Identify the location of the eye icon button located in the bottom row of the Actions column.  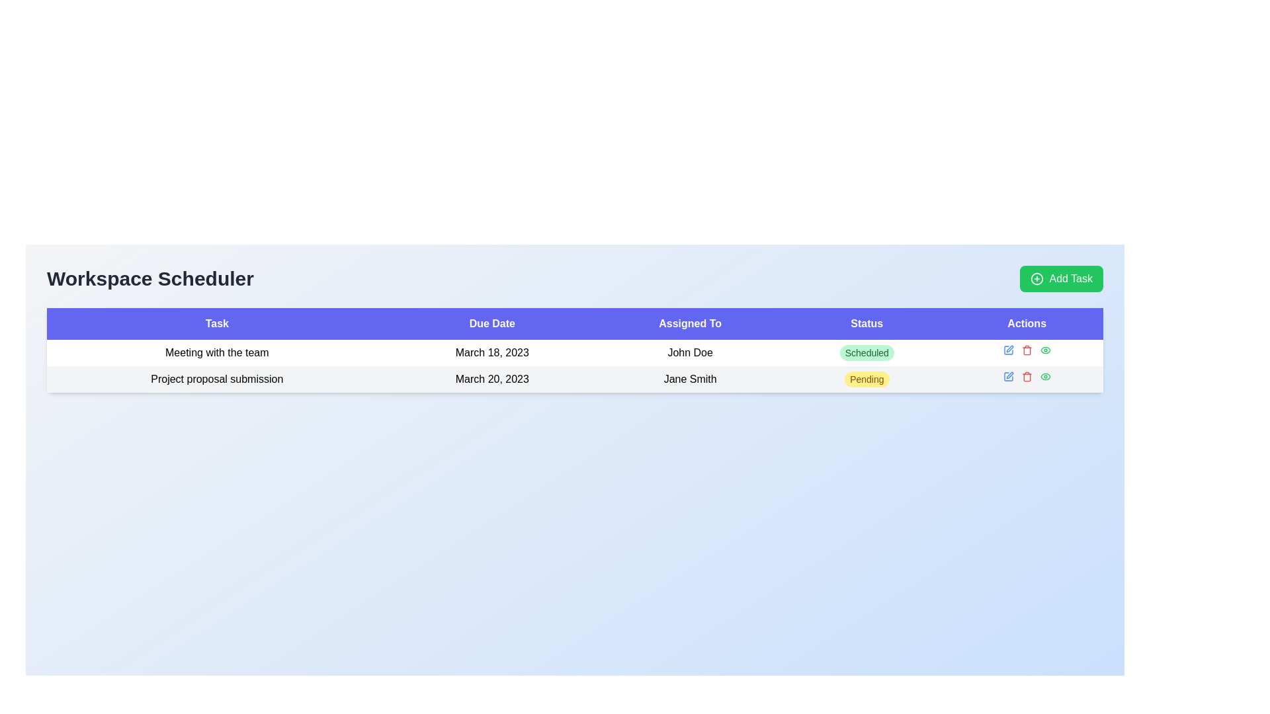
(1044, 349).